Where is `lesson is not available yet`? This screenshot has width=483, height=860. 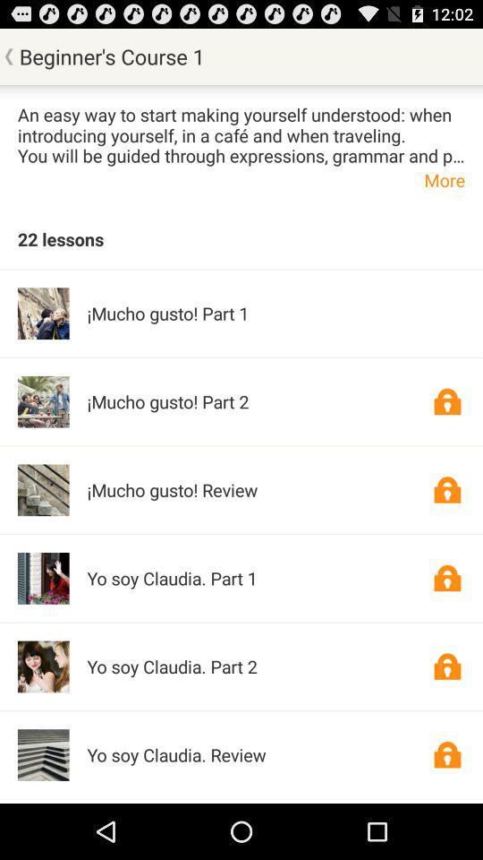 lesson is not available yet is located at coordinates (446, 753).